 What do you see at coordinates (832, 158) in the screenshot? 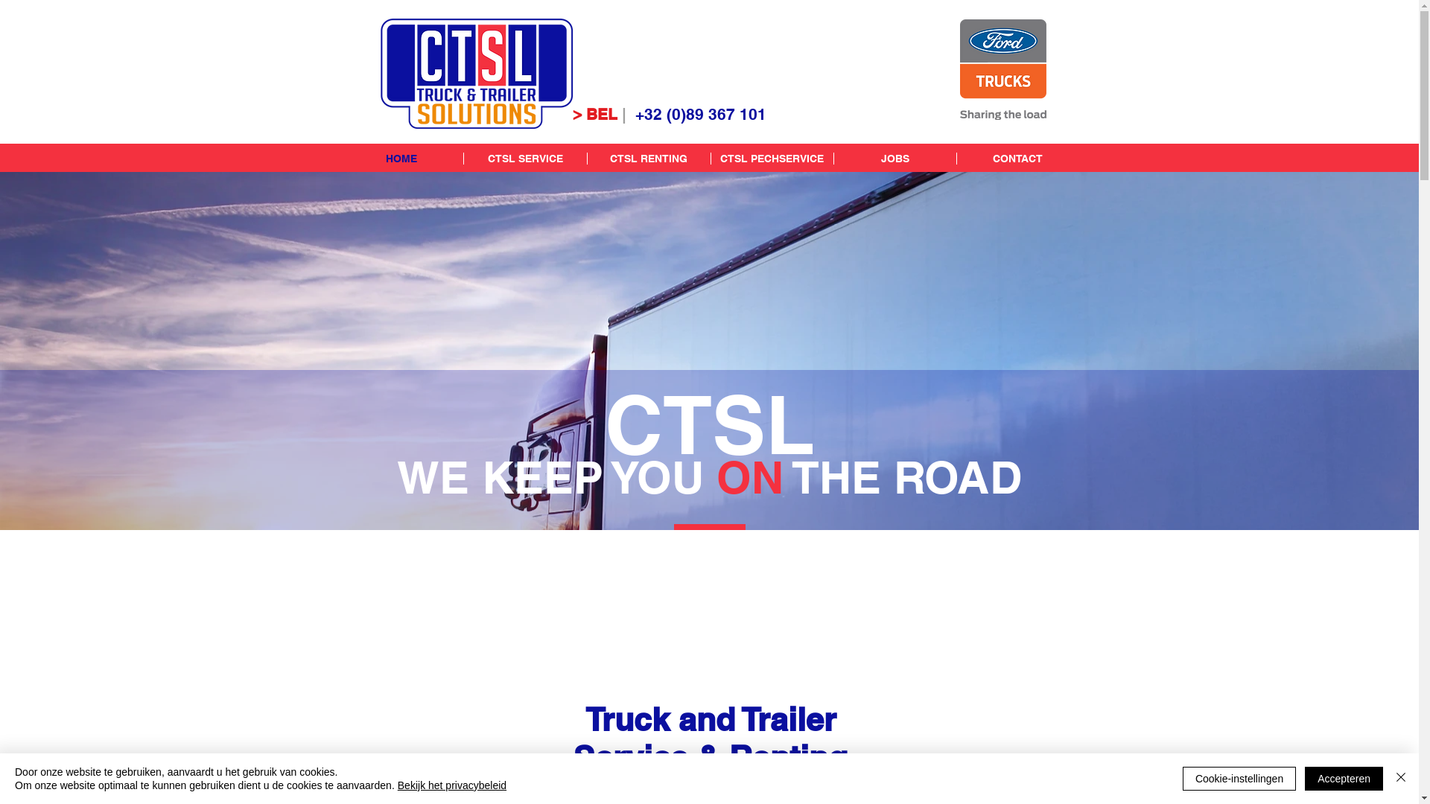
I see `'JOBS'` at bounding box center [832, 158].